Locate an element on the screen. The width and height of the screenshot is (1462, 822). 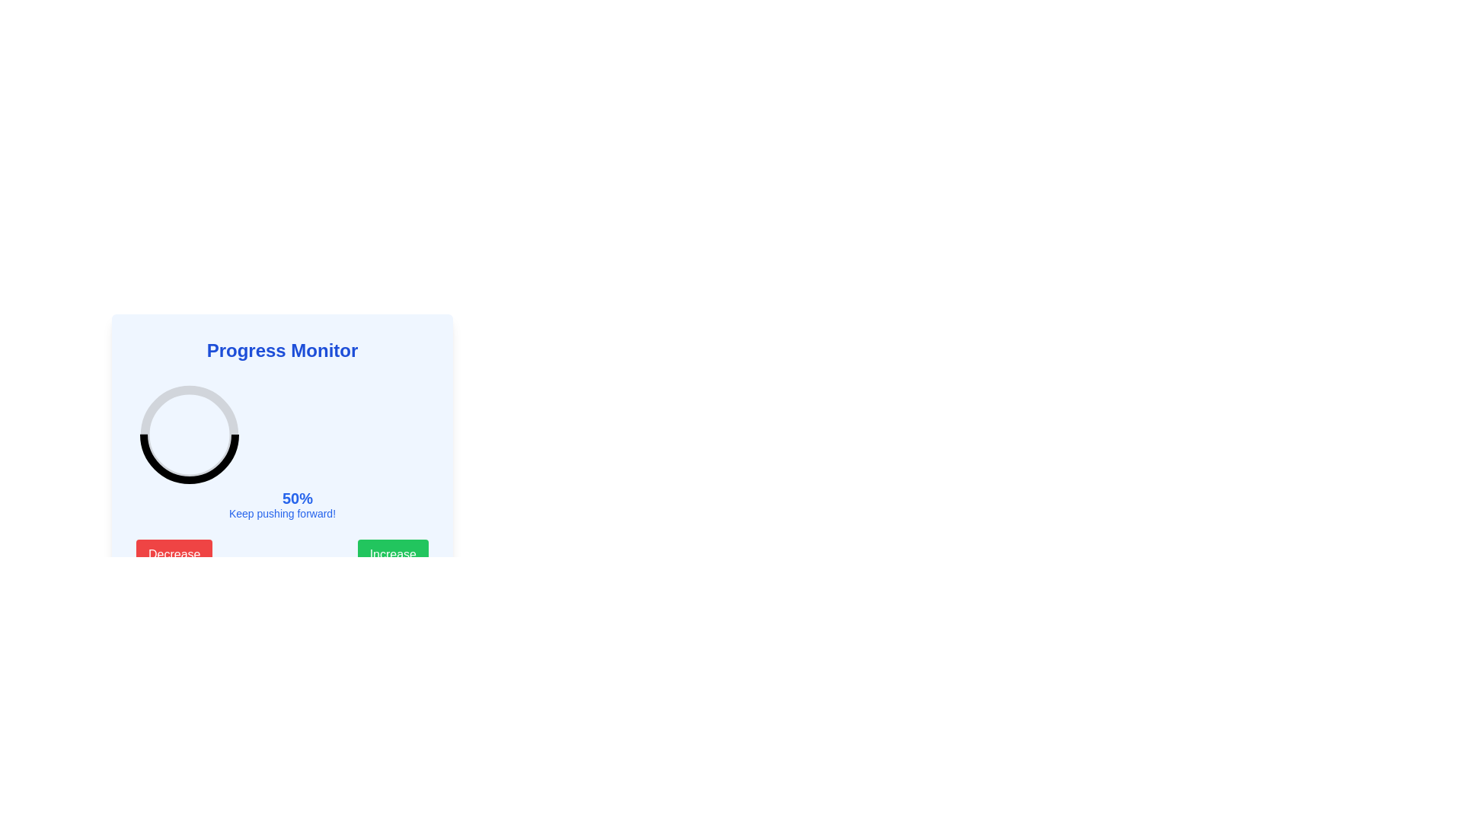
the Progress Arc in the 'Progress Monitor' card, which visually represents a percentage of '50%' is located at coordinates (189, 434).